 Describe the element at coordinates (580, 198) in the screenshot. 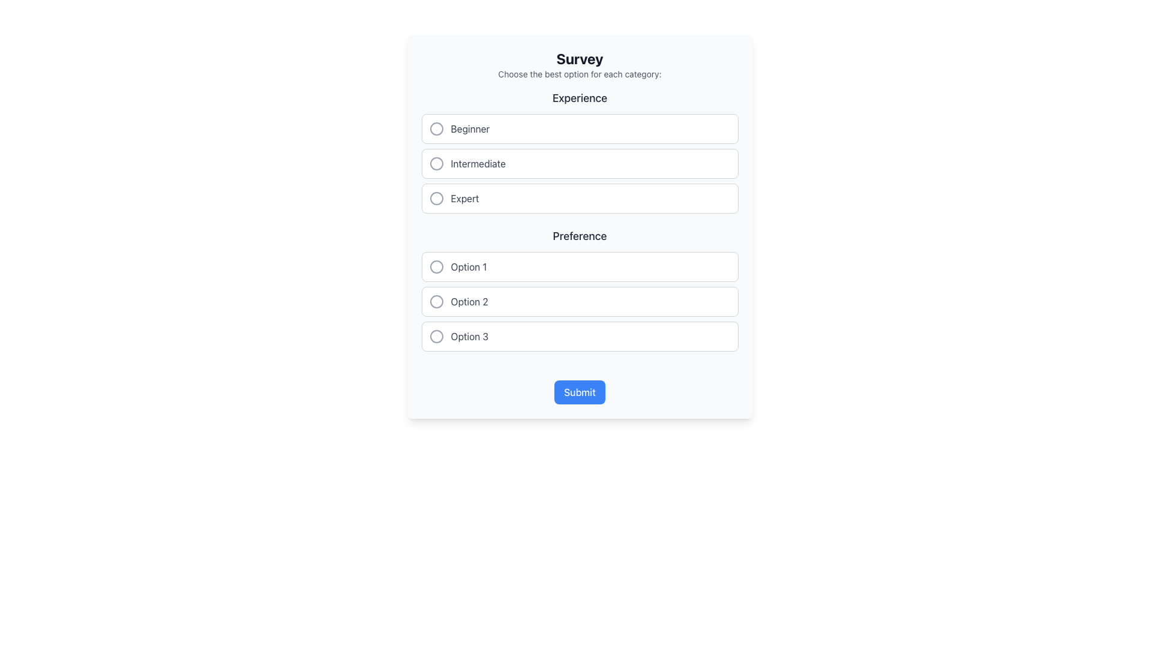

I see `the radio button labeled 'Expert'` at that location.